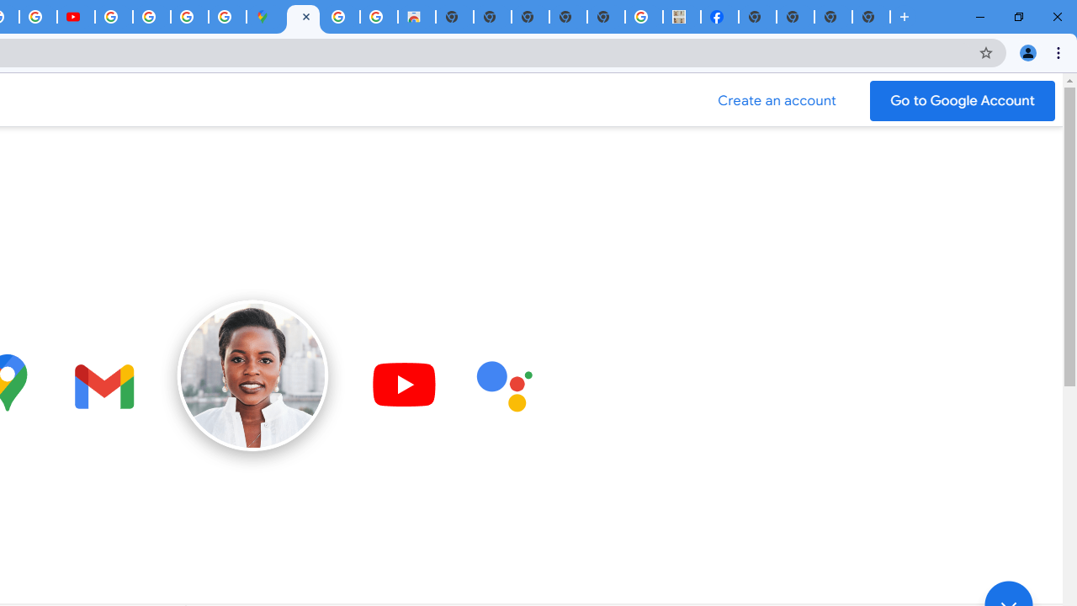  What do you see at coordinates (113, 17) in the screenshot?
I see `'How Chrome protects your passwords - Google Chrome Help'` at bounding box center [113, 17].